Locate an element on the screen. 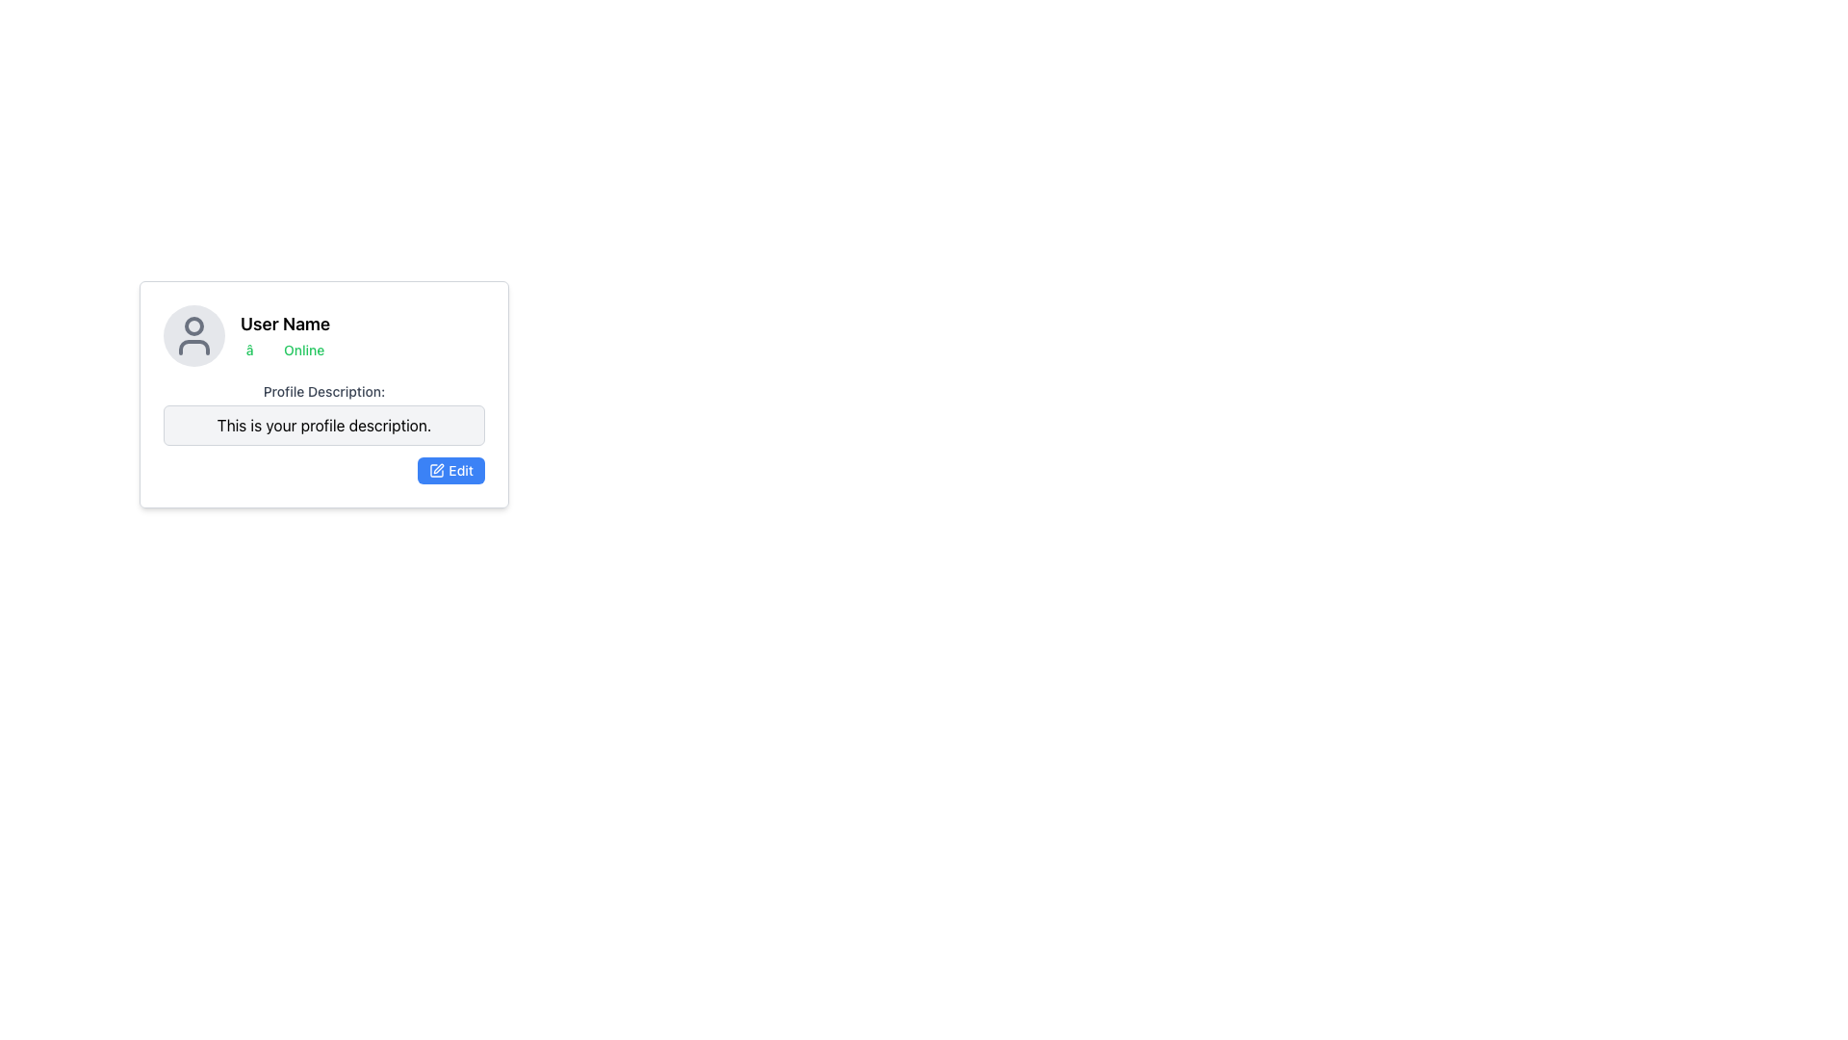 The height and width of the screenshot is (1040, 1848). the 'Online' label, which displays the word 'Online' in green with a small green dot preceding it, located directly below the 'User Name' text in the user profile card is located at coordinates (284, 350).